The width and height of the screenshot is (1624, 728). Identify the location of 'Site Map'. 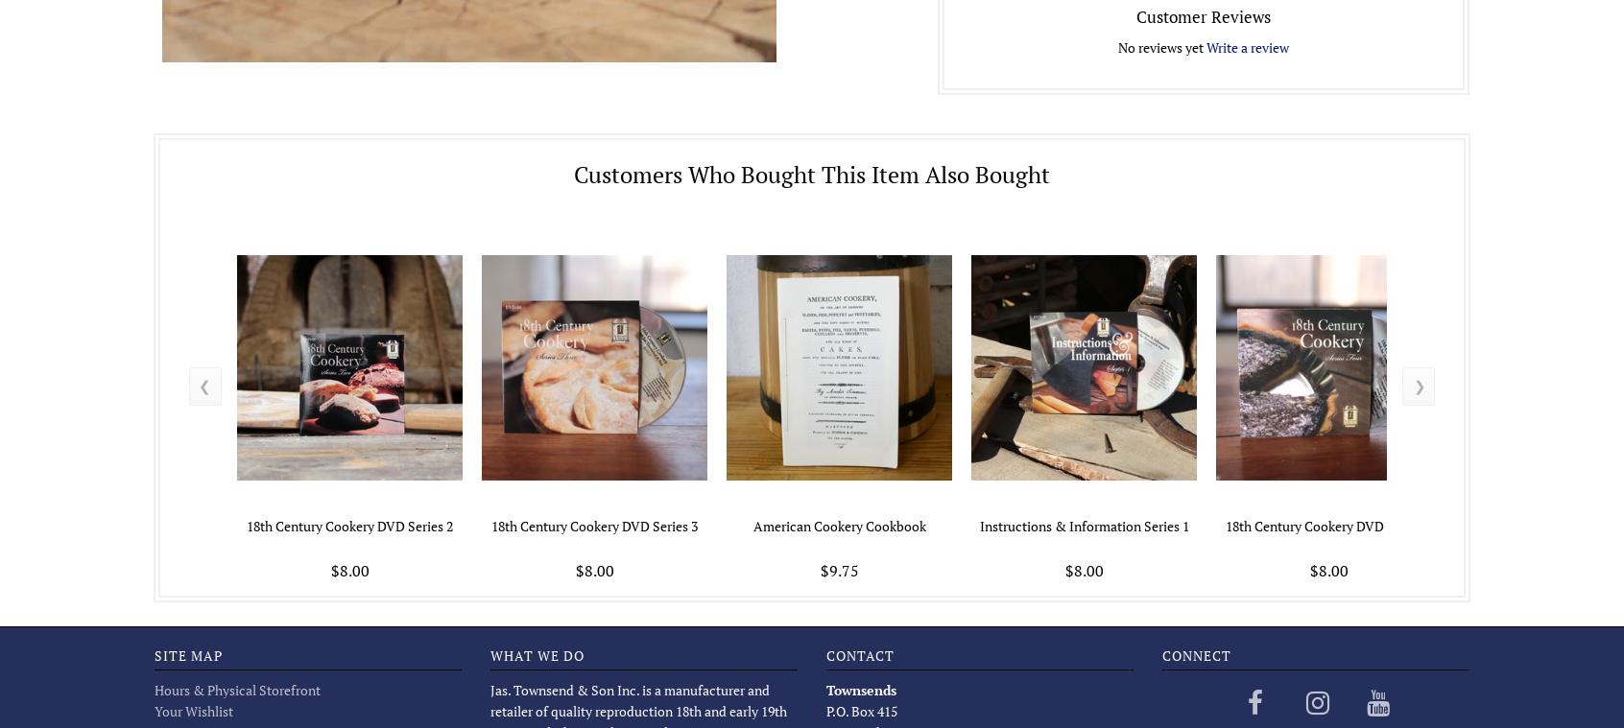
(186, 654).